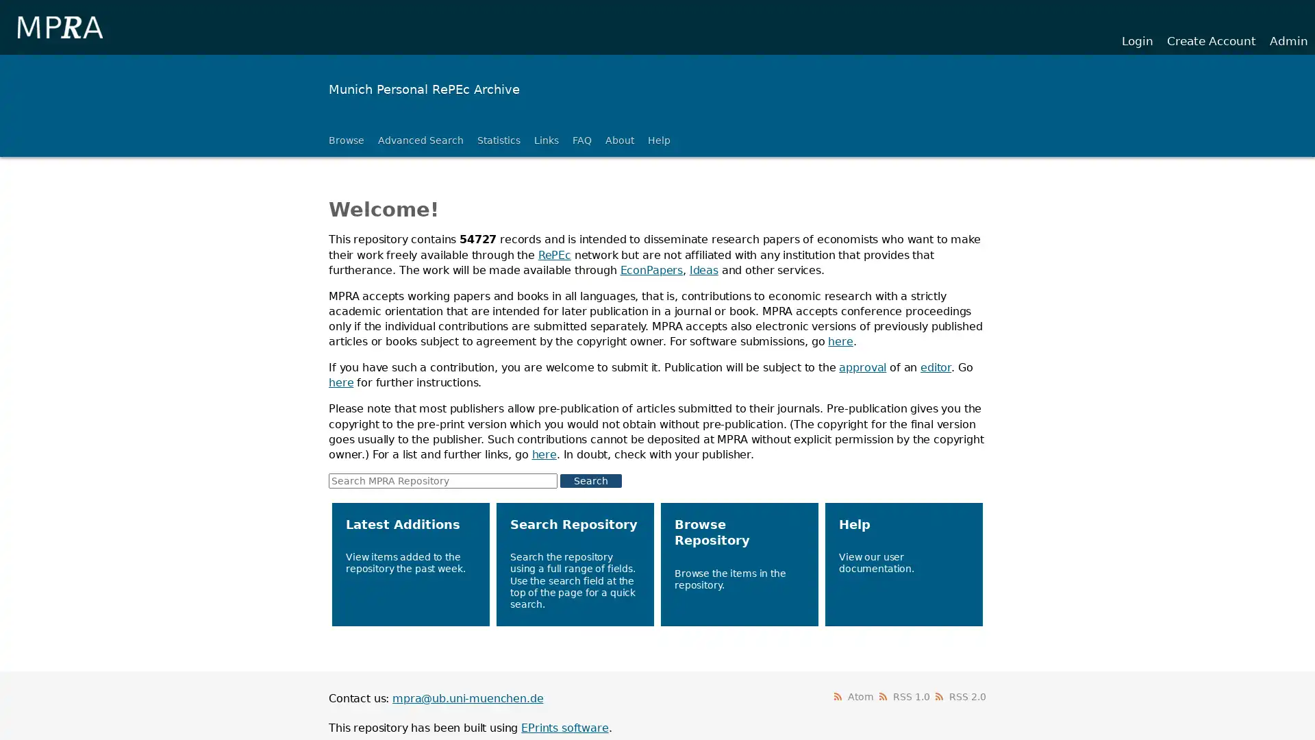  Describe the element at coordinates (591, 480) in the screenshot. I see `Search` at that location.